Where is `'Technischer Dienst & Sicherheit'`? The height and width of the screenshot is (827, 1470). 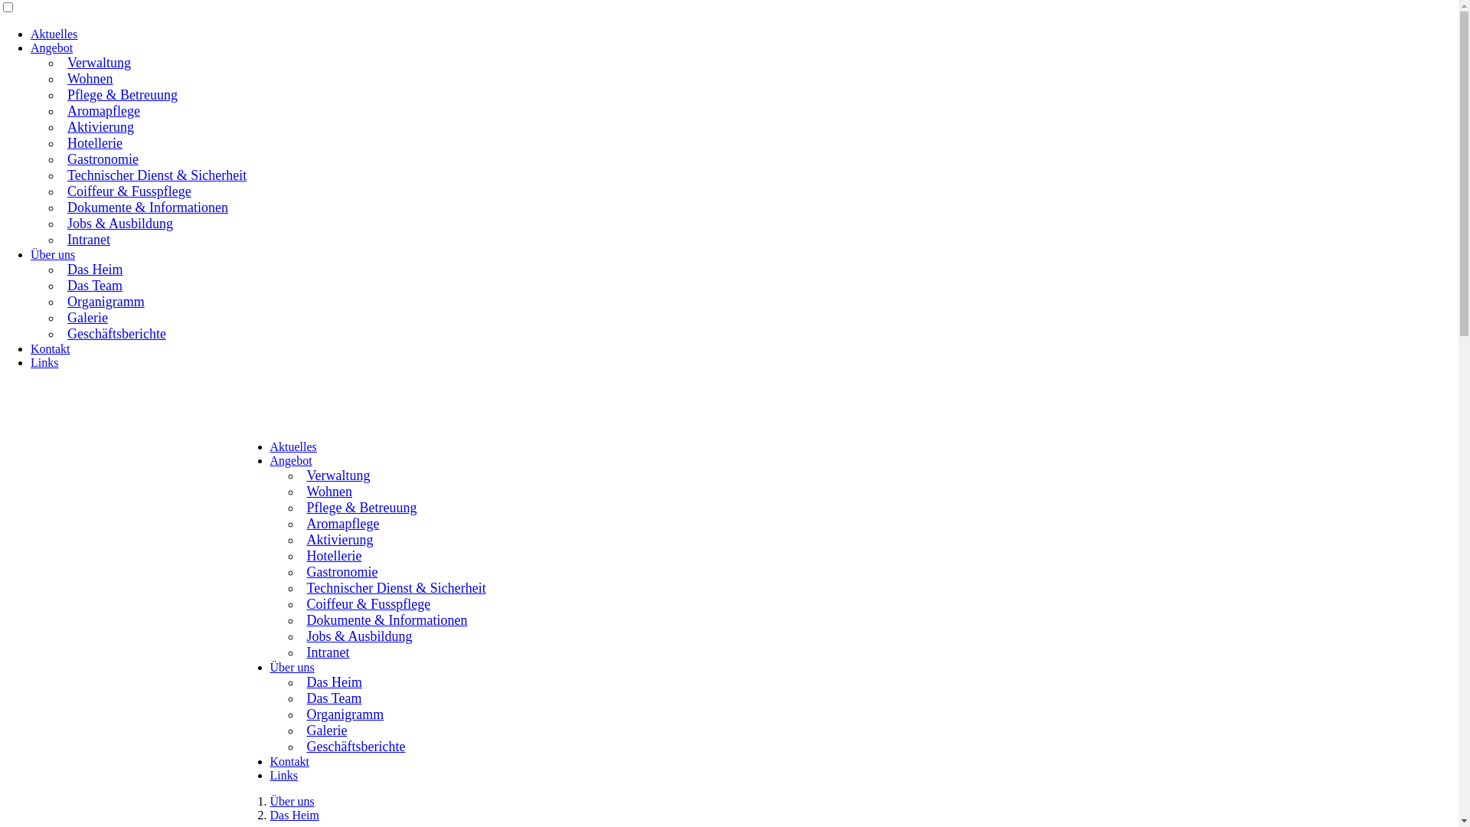
'Technischer Dienst & Sicherheit' is located at coordinates (394, 586).